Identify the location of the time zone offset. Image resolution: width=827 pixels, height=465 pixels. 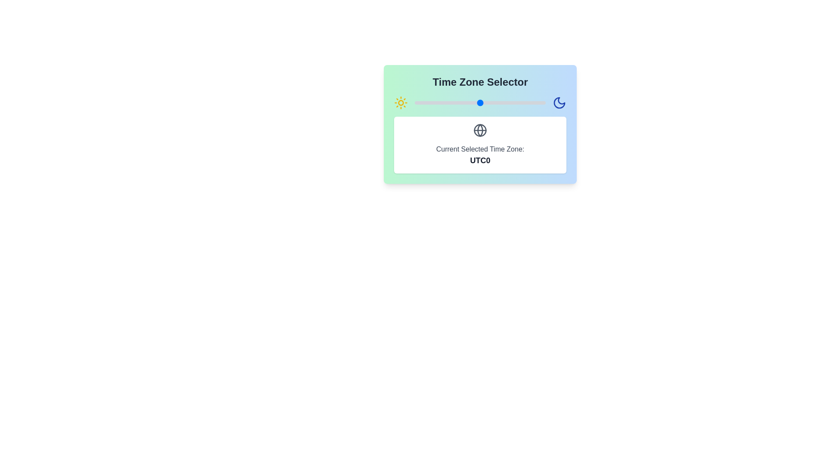
(507, 102).